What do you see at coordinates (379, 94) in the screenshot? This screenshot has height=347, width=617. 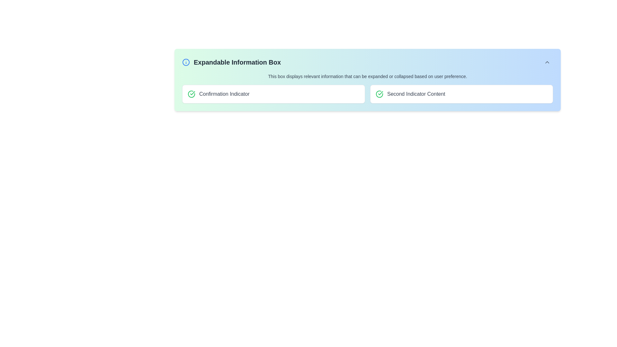 I see `the circular icon with a green outline and a checkmark inside, located in the 'Second Indicator Content' section at the top right of the interface` at bounding box center [379, 94].